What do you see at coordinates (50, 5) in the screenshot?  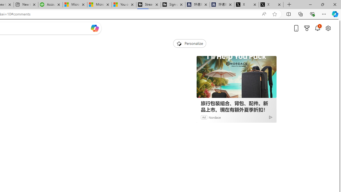 I see `'Accounting Software for Accountants, CPAs and Bookkeepers'` at bounding box center [50, 5].